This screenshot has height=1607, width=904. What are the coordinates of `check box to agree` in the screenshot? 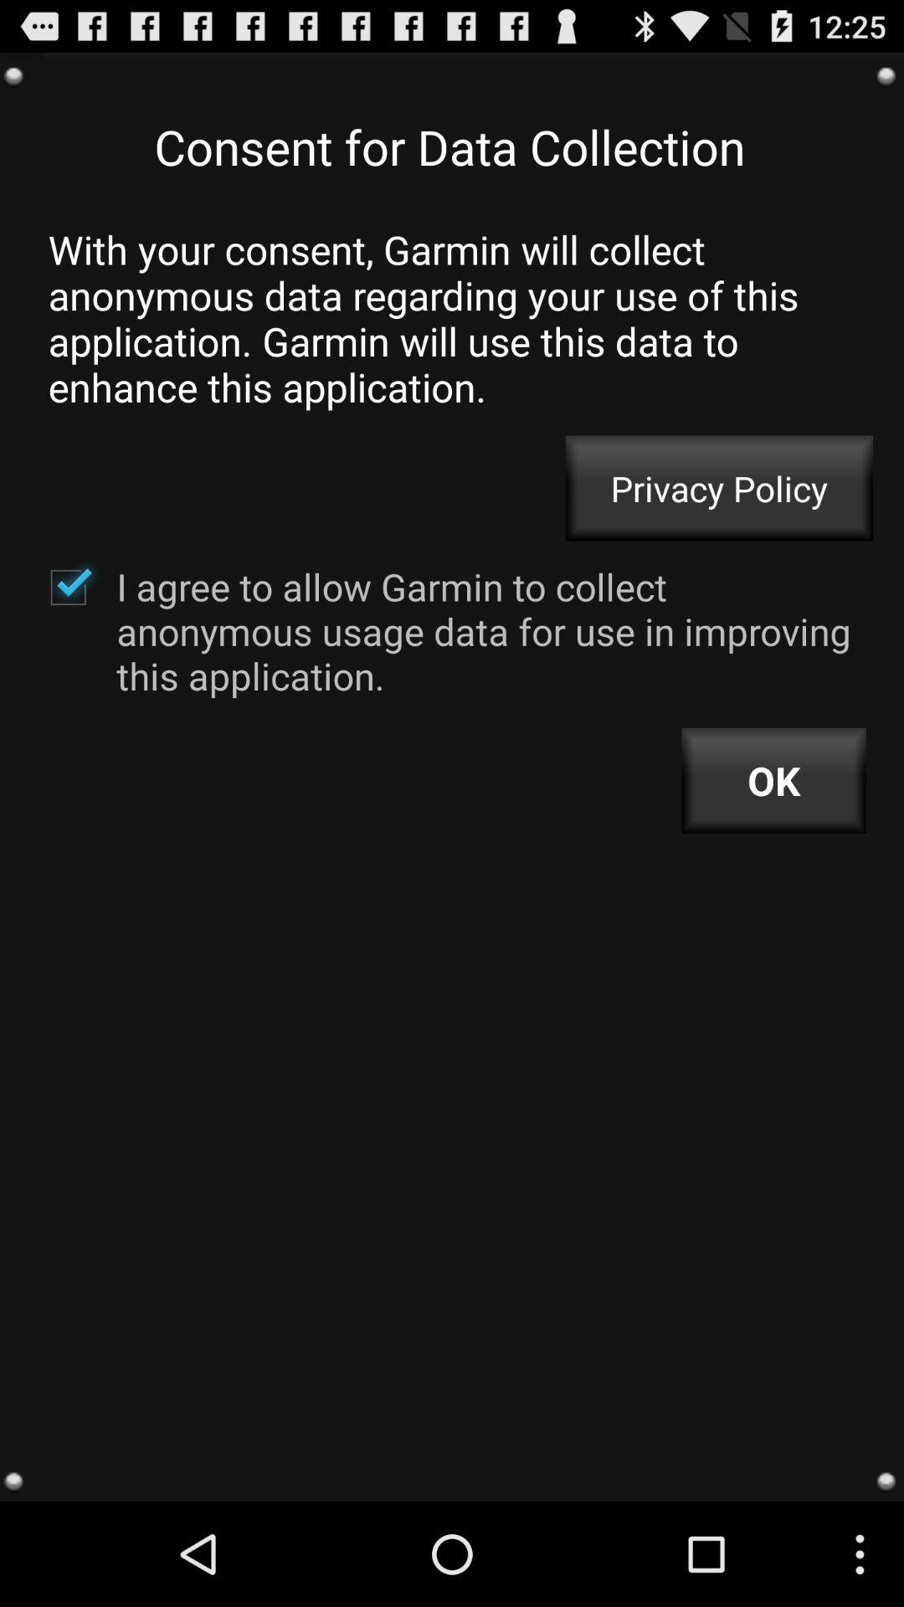 It's located at (67, 587).